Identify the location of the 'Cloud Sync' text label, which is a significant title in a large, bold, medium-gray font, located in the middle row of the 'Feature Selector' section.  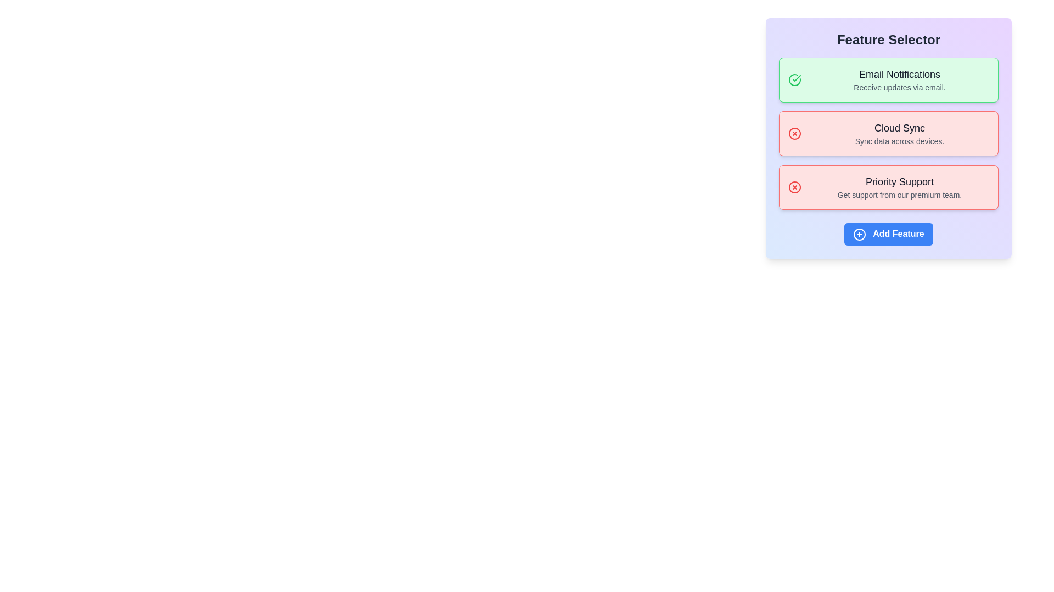
(899, 128).